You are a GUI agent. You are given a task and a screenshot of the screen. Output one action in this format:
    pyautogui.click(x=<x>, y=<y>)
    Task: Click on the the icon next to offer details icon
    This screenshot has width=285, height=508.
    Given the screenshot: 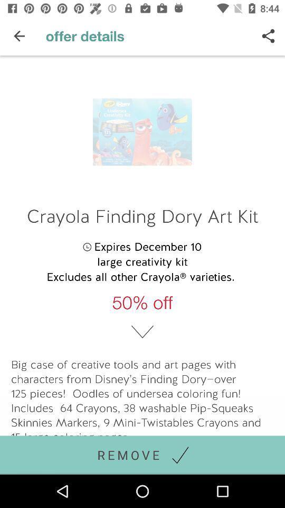 What is the action you would take?
    pyautogui.click(x=268, y=36)
    